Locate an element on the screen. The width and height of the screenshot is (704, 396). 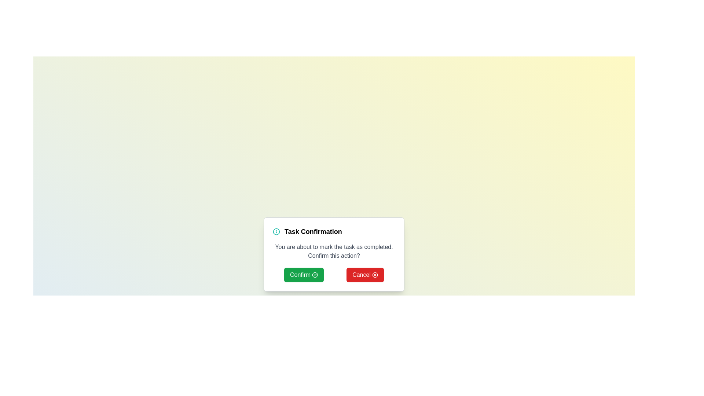
the circle graphical component of the 'Cancel' button located inside the modal confirmation dialog box, which enhances the button's recognizability is located at coordinates (375, 275).